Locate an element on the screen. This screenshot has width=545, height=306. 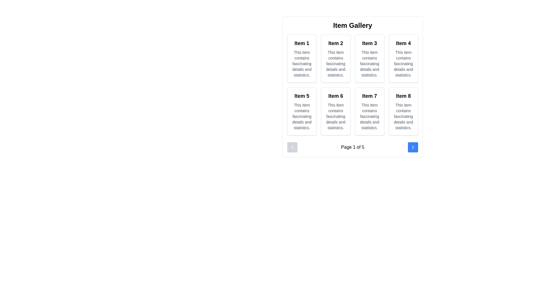
the card displaying 'Item 7', which is located in the second row, third column of the grid layout is located at coordinates (370, 111).